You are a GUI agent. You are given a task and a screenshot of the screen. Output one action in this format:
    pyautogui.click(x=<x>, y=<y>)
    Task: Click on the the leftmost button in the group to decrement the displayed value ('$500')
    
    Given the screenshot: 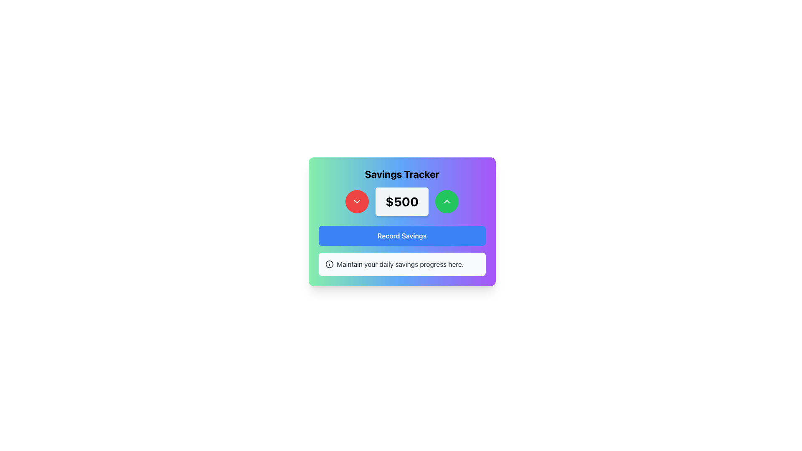 What is the action you would take?
    pyautogui.click(x=357, y=201)
    